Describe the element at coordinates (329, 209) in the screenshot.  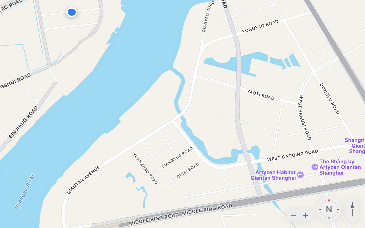
I see `'Heading: 0 degrees North'` at that location.